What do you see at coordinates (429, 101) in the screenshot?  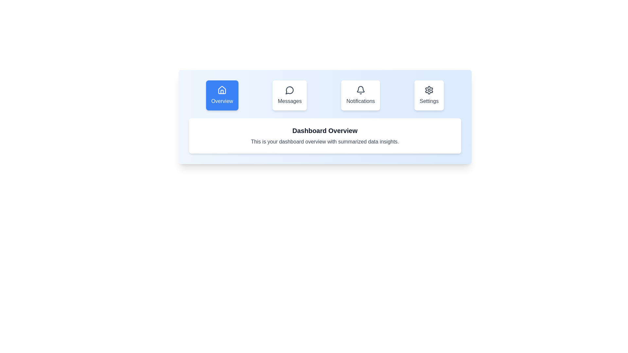 I see `the 'Settings' text label located within the lower portion of the settings card, which is positioned on the rightmost side of a grouping of four vertically-aligned cards` at bounding box center [429, 101].